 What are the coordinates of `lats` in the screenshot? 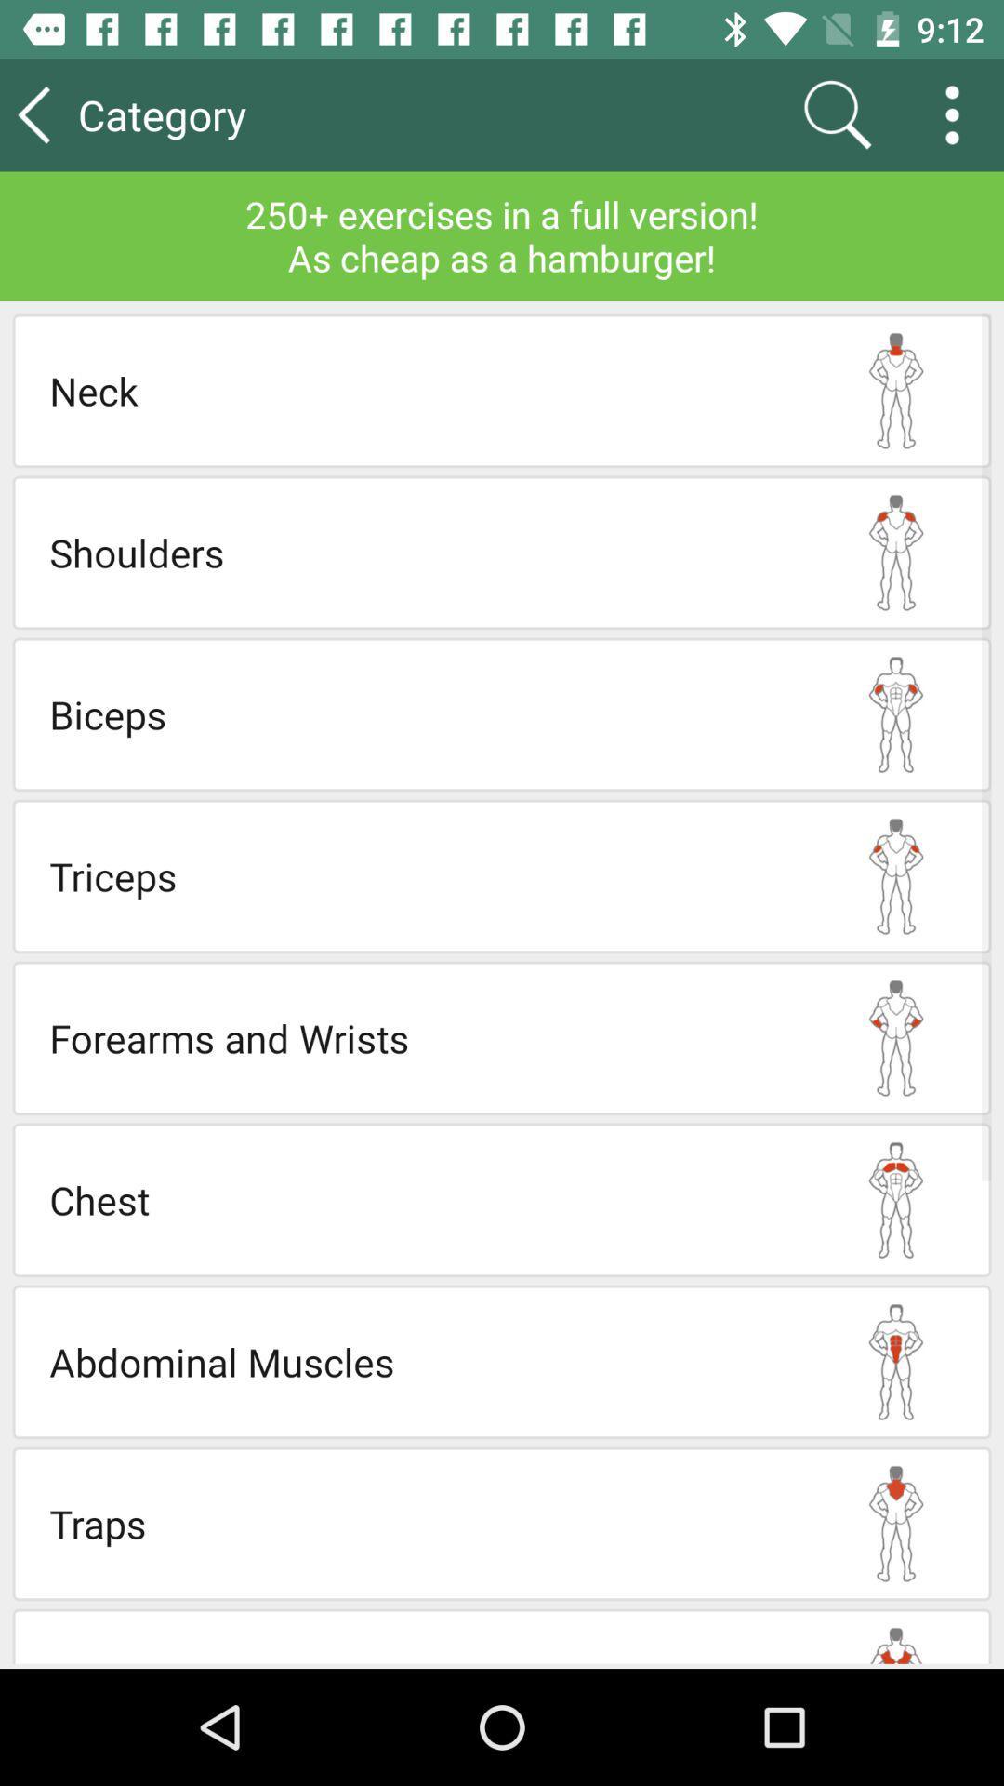 It's located at (425, 1655).